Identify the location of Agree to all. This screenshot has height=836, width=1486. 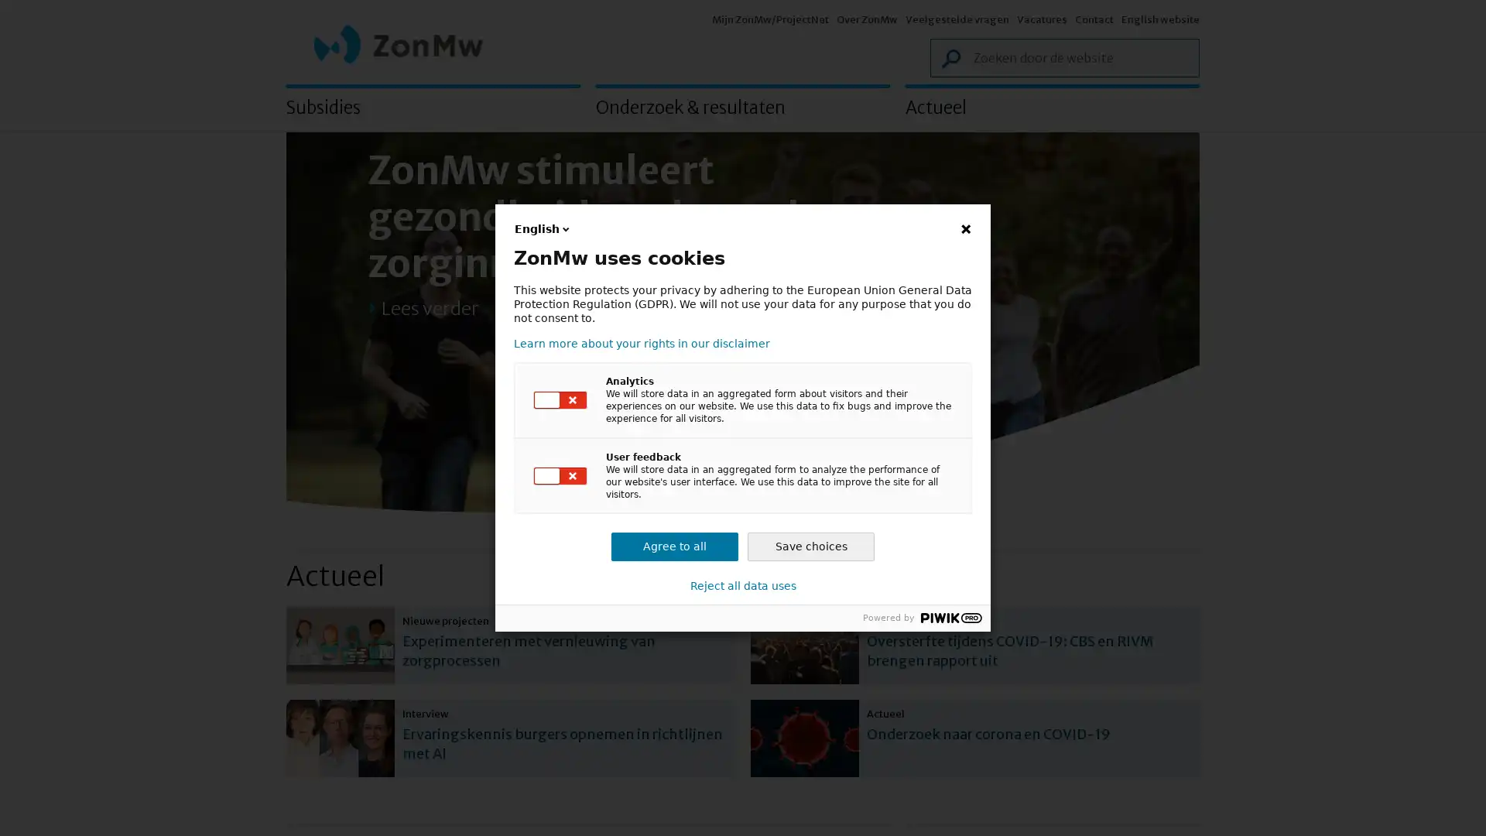
(675, 546).